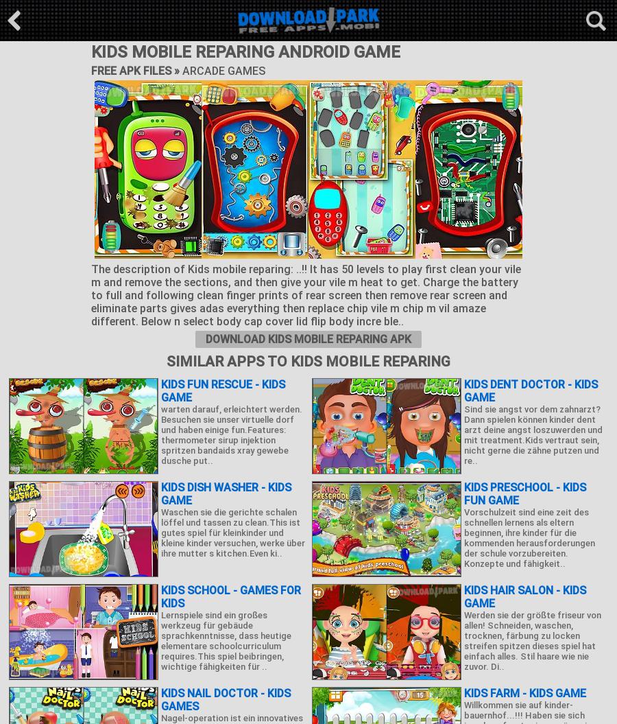 Image resolution: width=617 pixels, height=724 pixels. What do you see at coordinates (222, 390) in the screenshot?
I see `'Kids fun rescue - kids game'` at bounding box center [222, 390].